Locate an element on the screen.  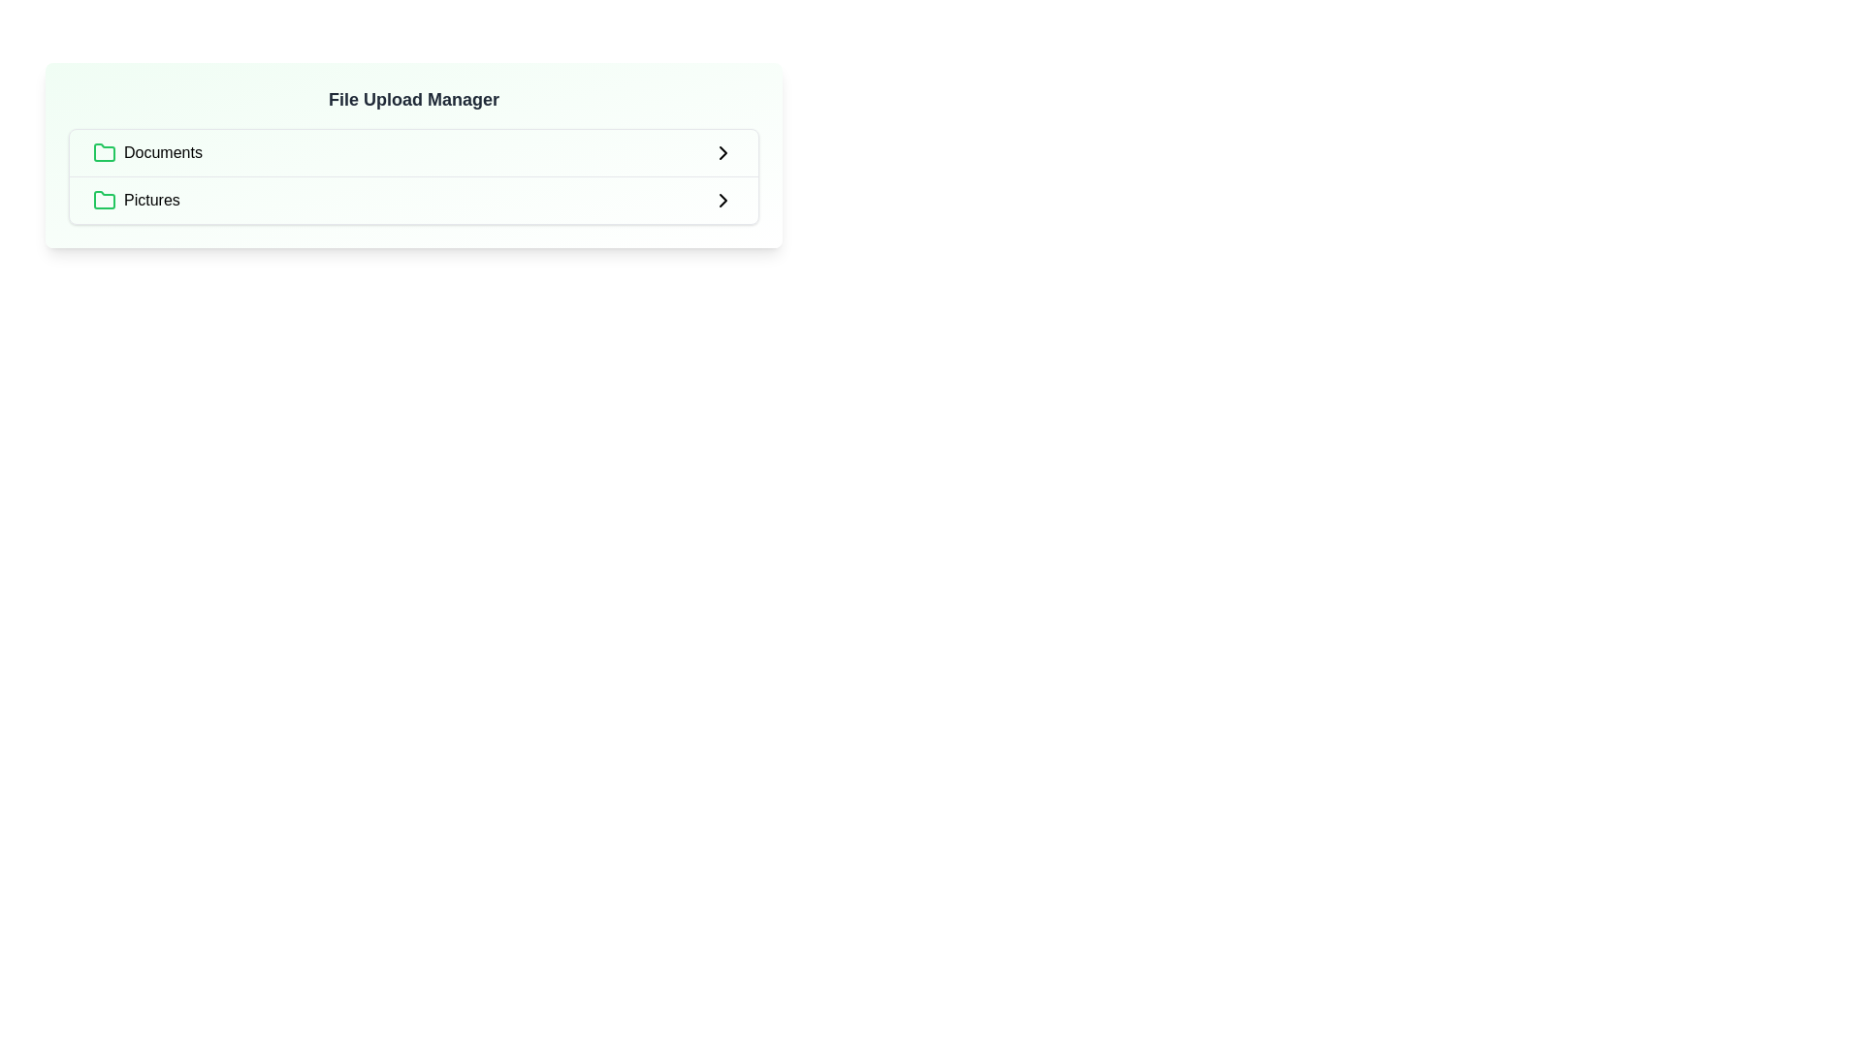
the Chevron icon indicating expandability is located at coordinates (722, 152).